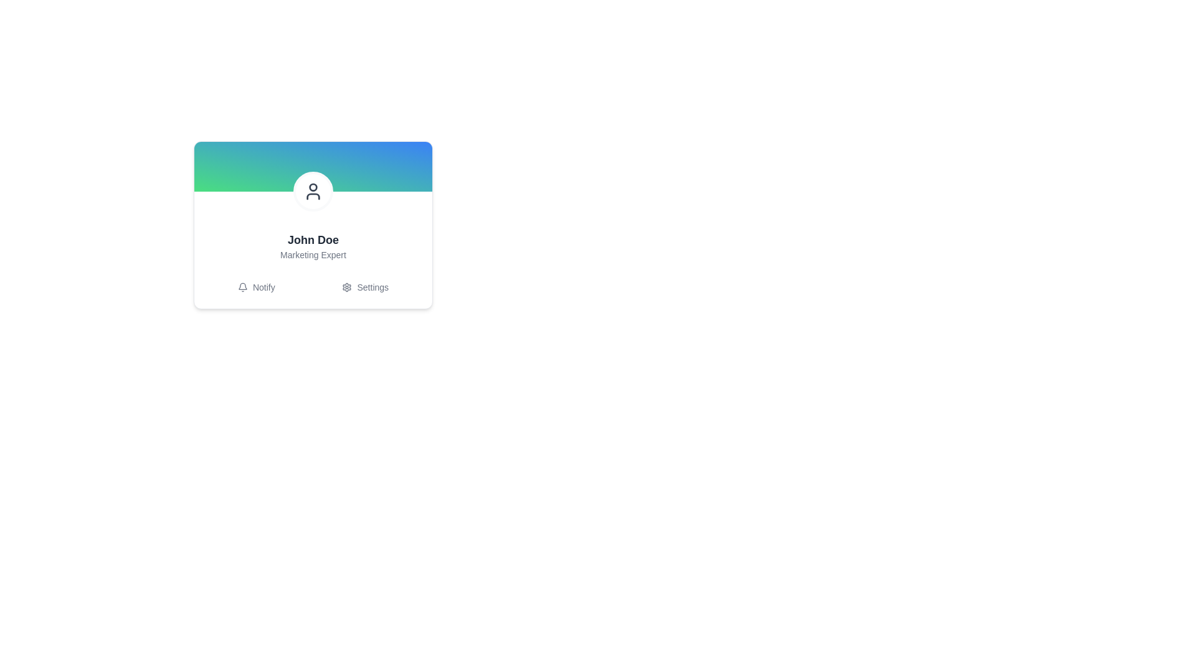  Describe the element at coordinates (347, 287) in the screenshot. I see `the small circular gear icon located to the left of the 'Settings' text label, which is part of the 'Settings' clickable area` at that location.